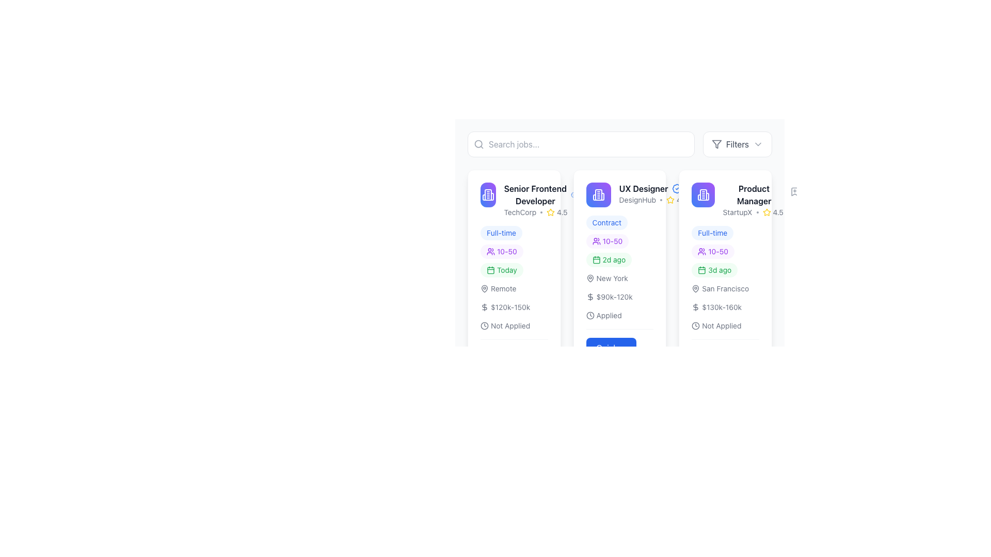 This screenshot has width=991, height=557. I want to click on the visual representation of the map pin icon located in the second job listing card, which is a teardrop-shaped graphic indicating location-related details, so click(590, 278).